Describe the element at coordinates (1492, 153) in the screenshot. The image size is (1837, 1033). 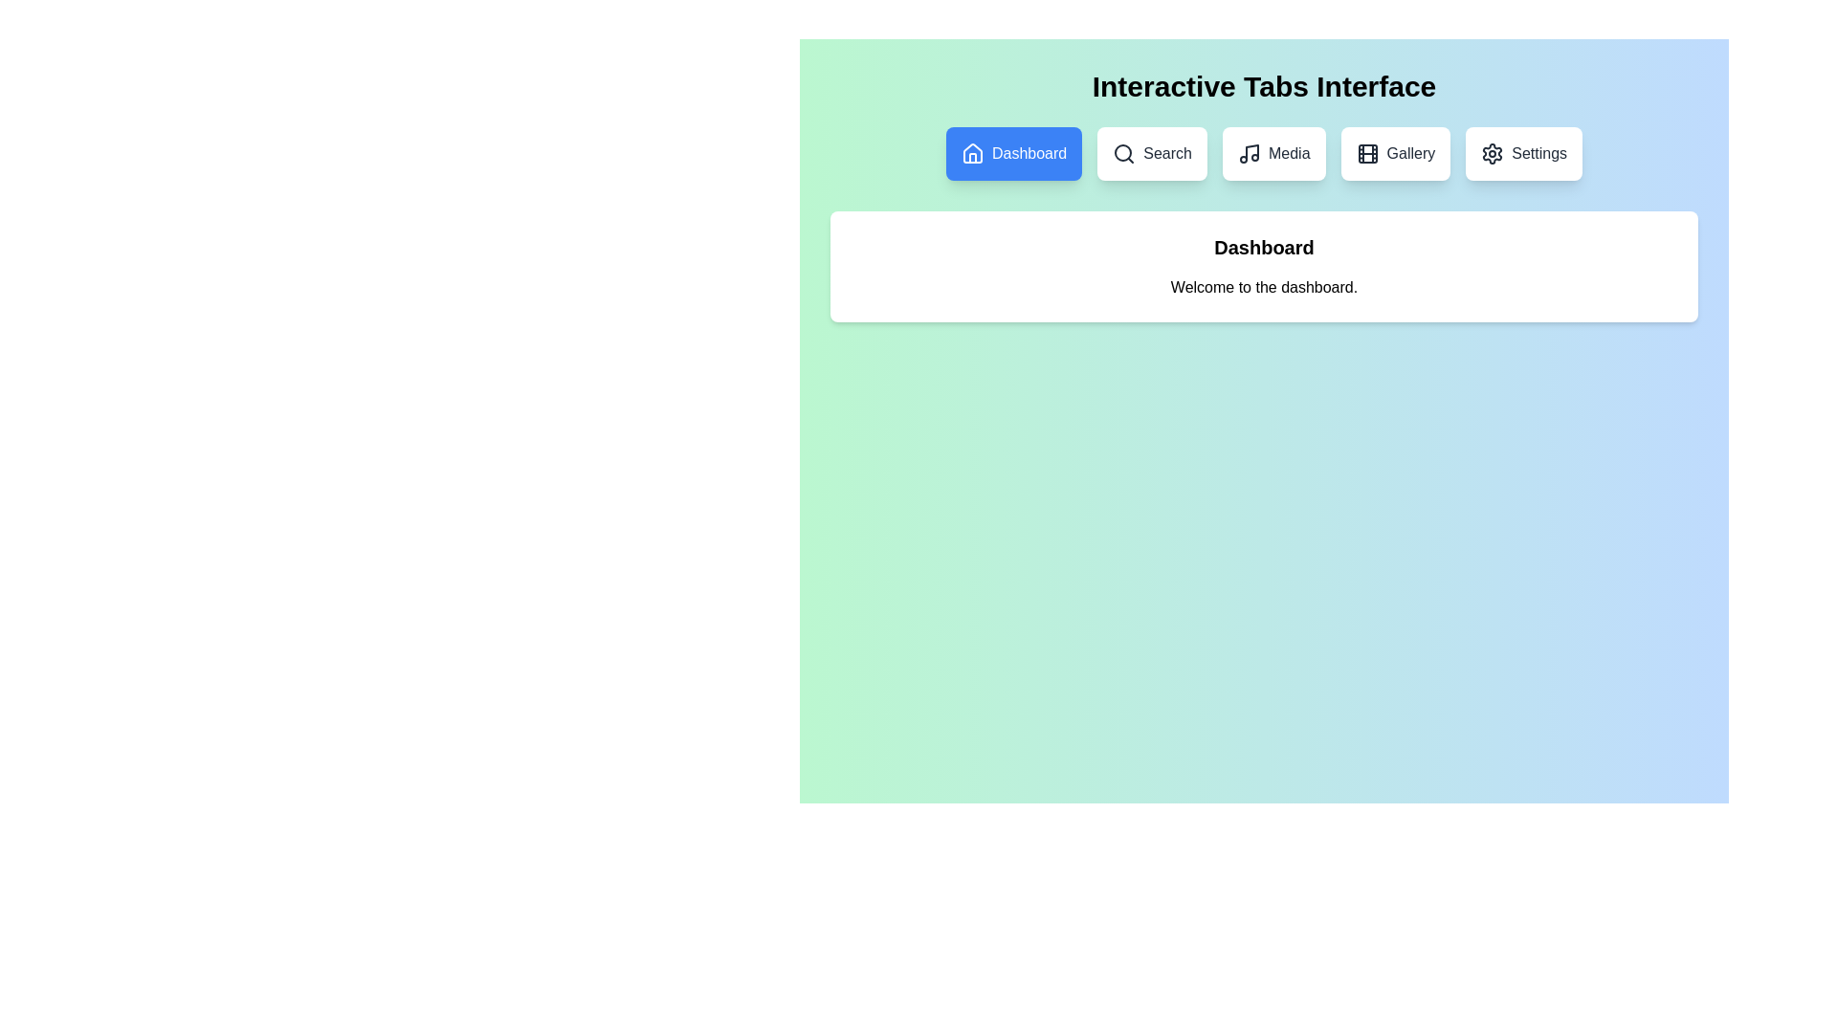
I see `the gear-shaped settings icon located in the top-right grouping of tab buttons, which has a black outline on a white background` at that location.